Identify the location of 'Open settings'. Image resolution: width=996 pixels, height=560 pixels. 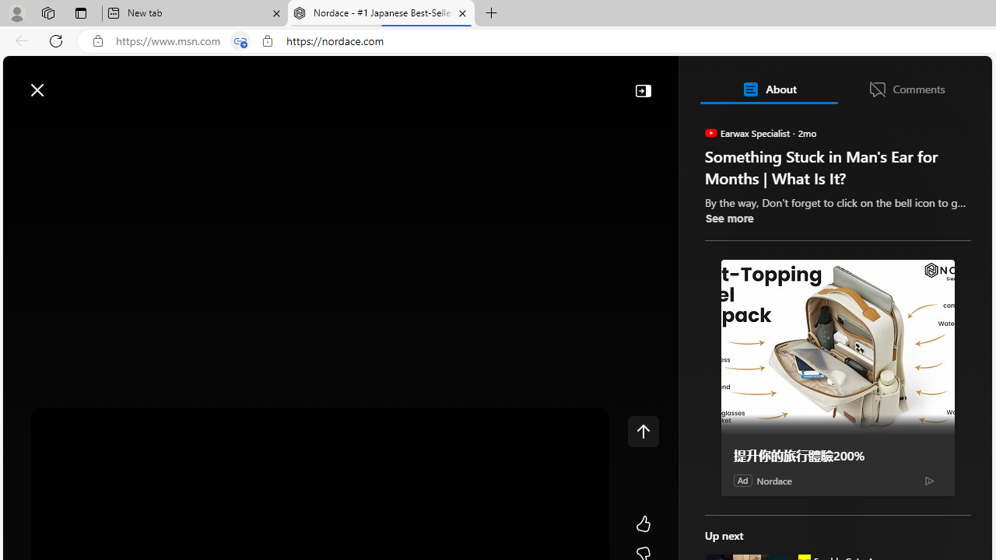
(956, 82).